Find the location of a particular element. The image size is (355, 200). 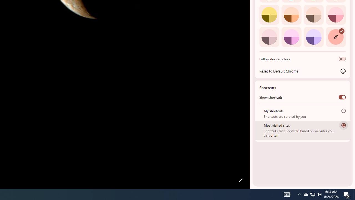

'Pink' is located at coordinates (269, 37).